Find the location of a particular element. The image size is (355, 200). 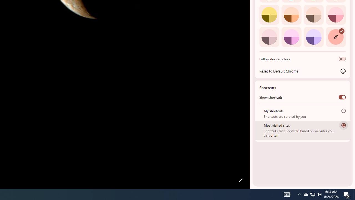

'Pink' is located at coordinates (269, 37).